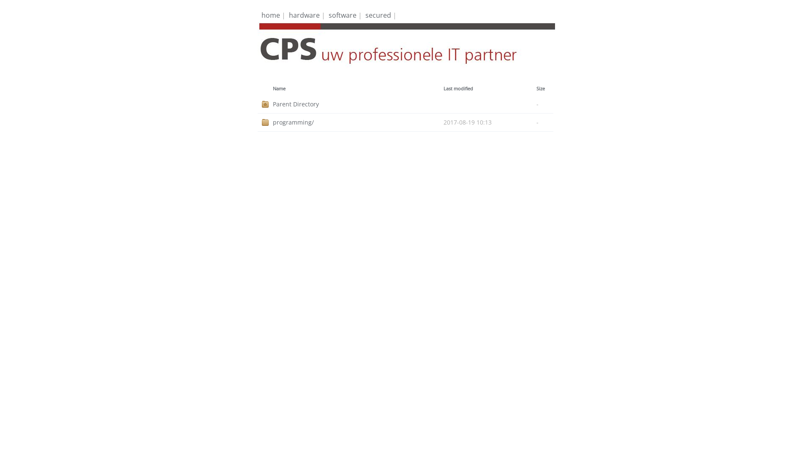 The width and height of the screenshot is (811, 456). What do you see at coordinates (279, 88) in the screenshot?
I see `'Name'` at bounding box center [279, 88].